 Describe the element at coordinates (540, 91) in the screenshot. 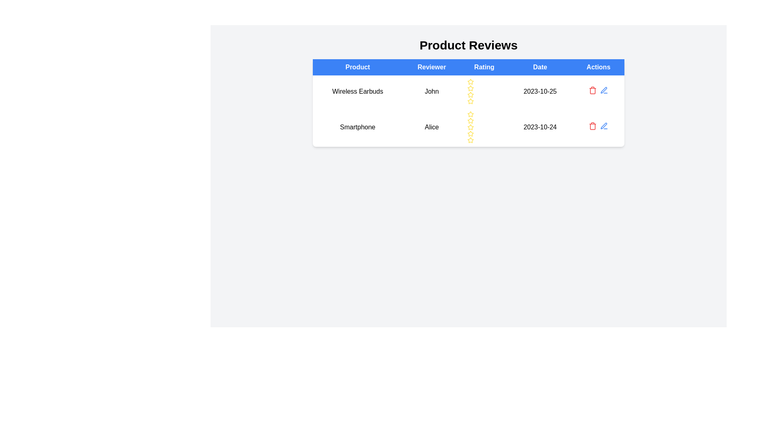

I see `the text label displaying the date in the second row of the product reviews table, located under the 'Date' column` at that location.